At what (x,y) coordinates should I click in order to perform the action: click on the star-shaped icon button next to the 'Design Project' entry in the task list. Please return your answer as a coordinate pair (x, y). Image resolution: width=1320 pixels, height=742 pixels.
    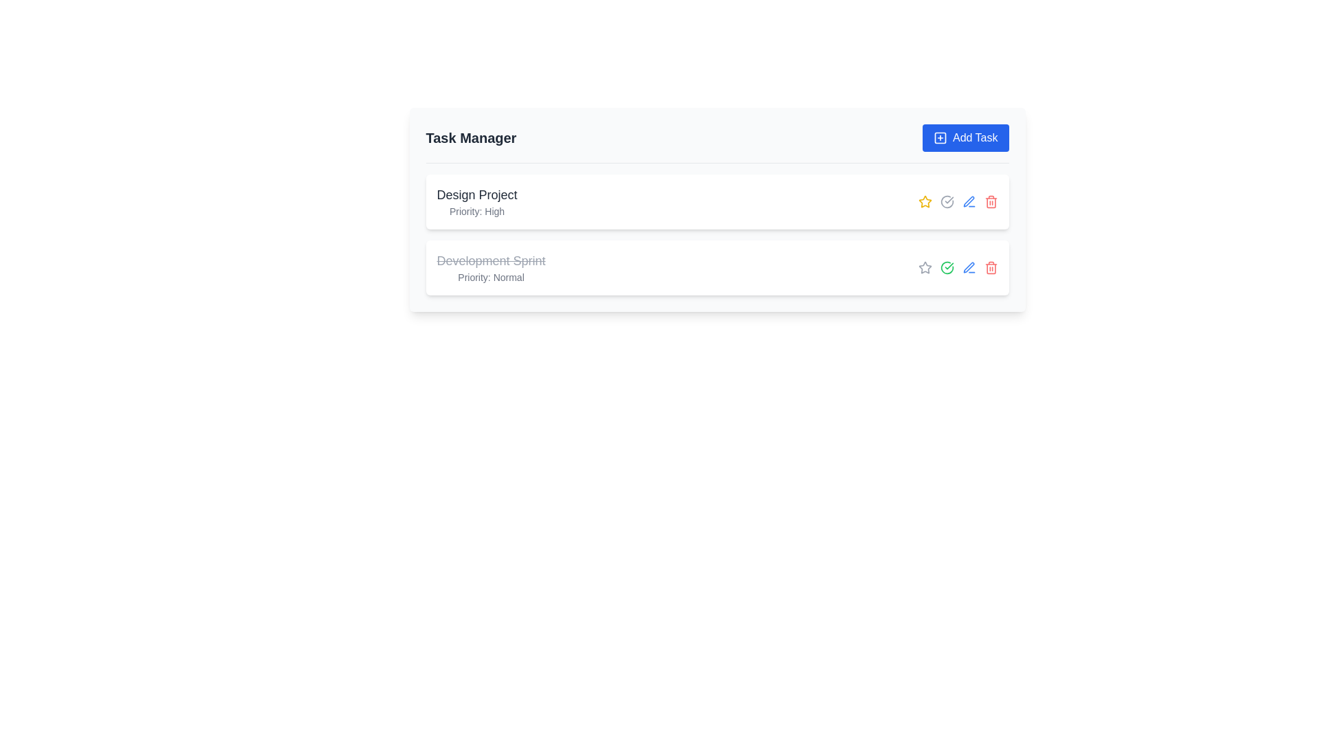
    Looking at the image, I should click on (925, 267).